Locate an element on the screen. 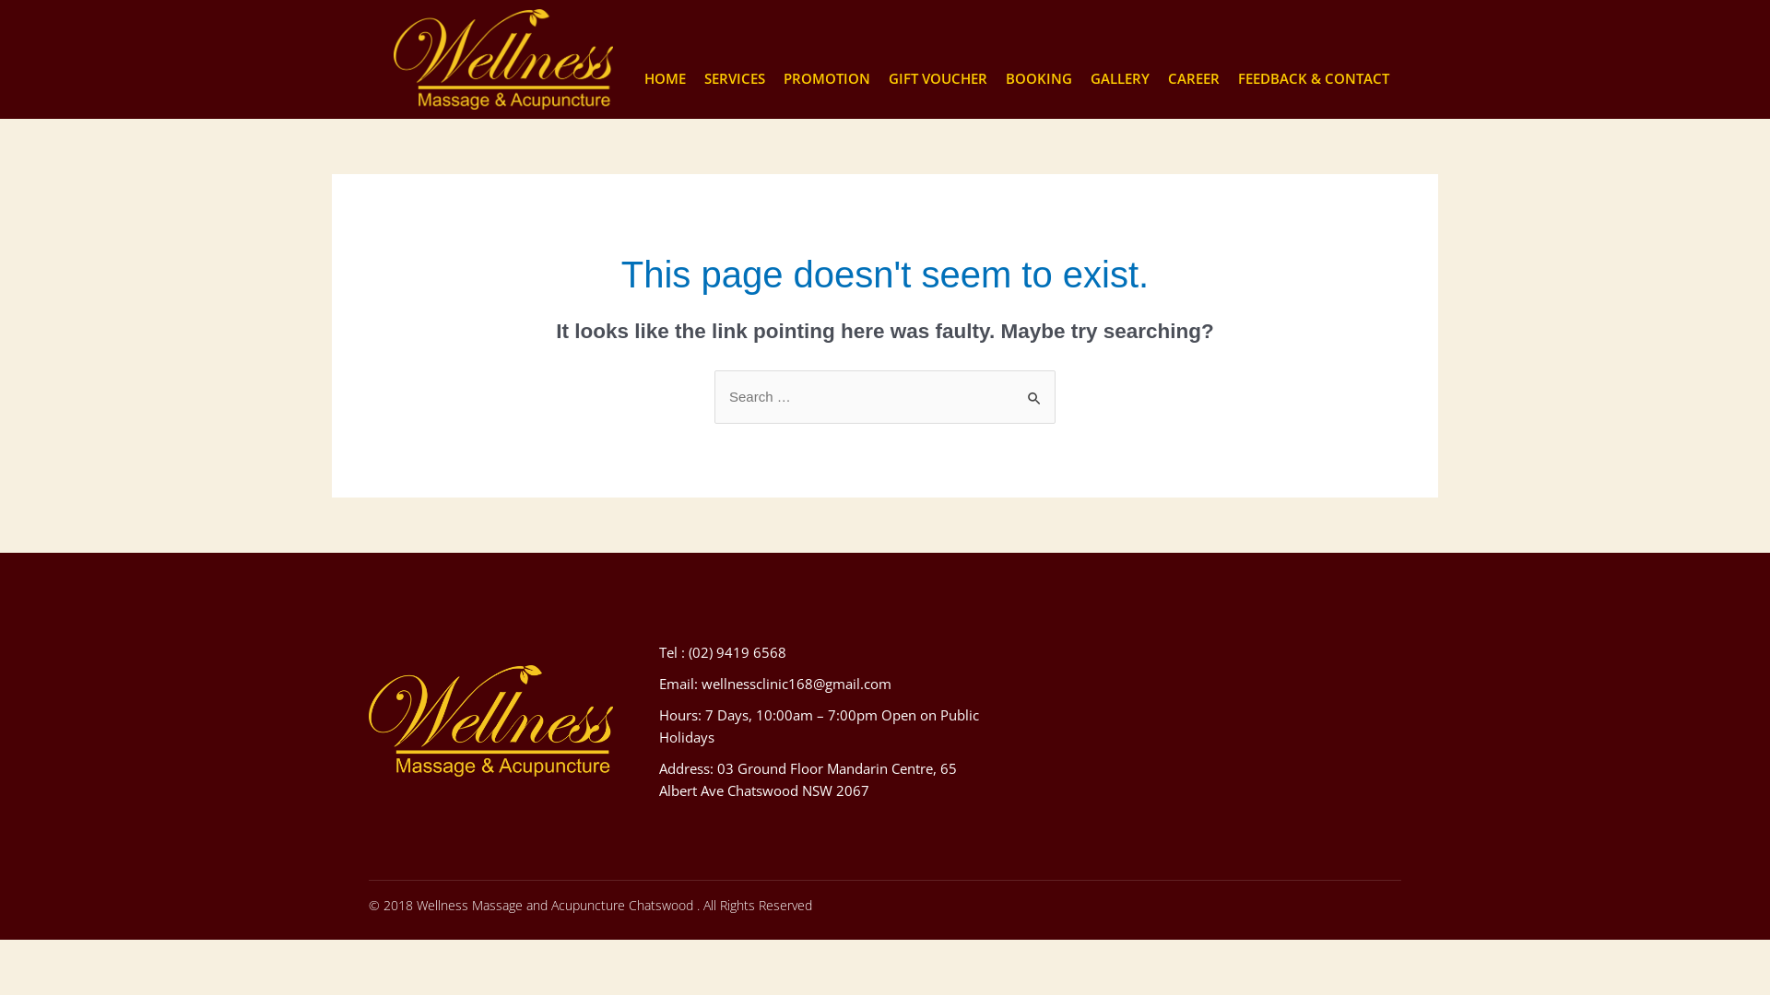 This screenshot has height=995, width=1770. 'BOOKING' is located at coordinates (1038, 76).